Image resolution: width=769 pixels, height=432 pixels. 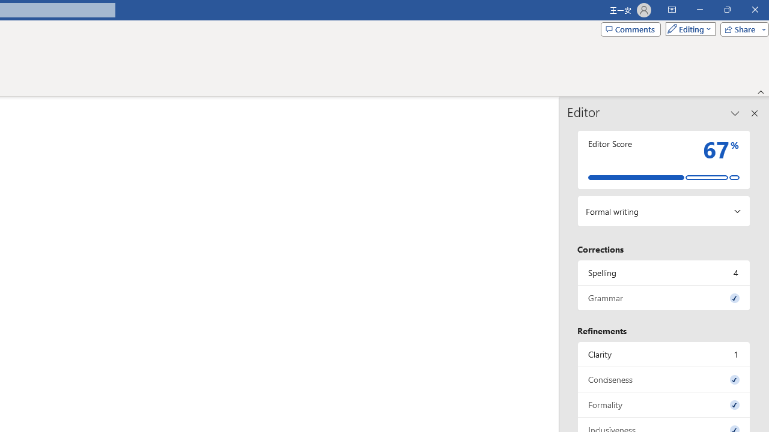 I want to click on 'Editor Score 67%', so click(x=663, y=159).